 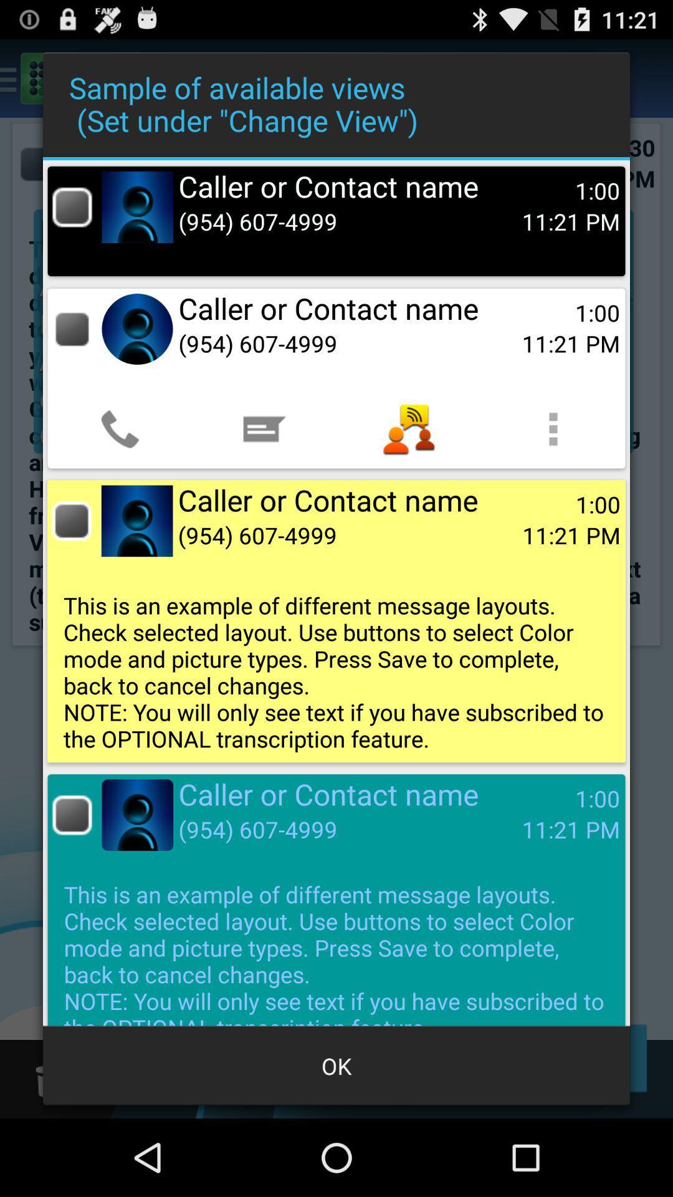 I want to click on view, so click(x=72, y=329).